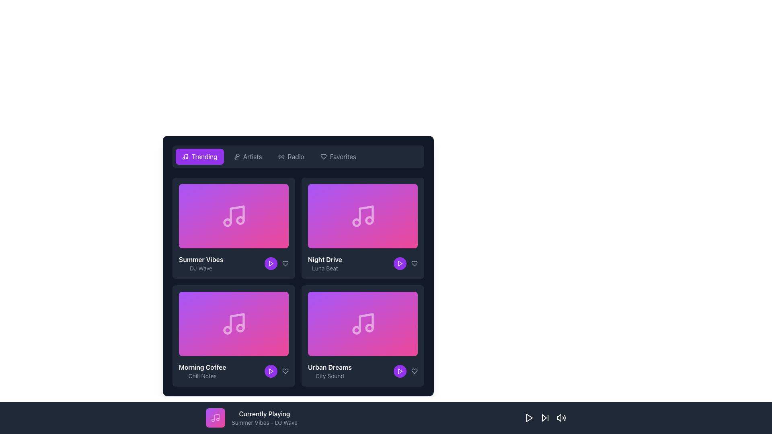  Describe the element at coordinates (400, 371) in the screenshot. I see `the circular purple 'Play' button with a white triangular icon located in the bottom-right corner of the 'Urban Dreams' card to play the media` at that location.